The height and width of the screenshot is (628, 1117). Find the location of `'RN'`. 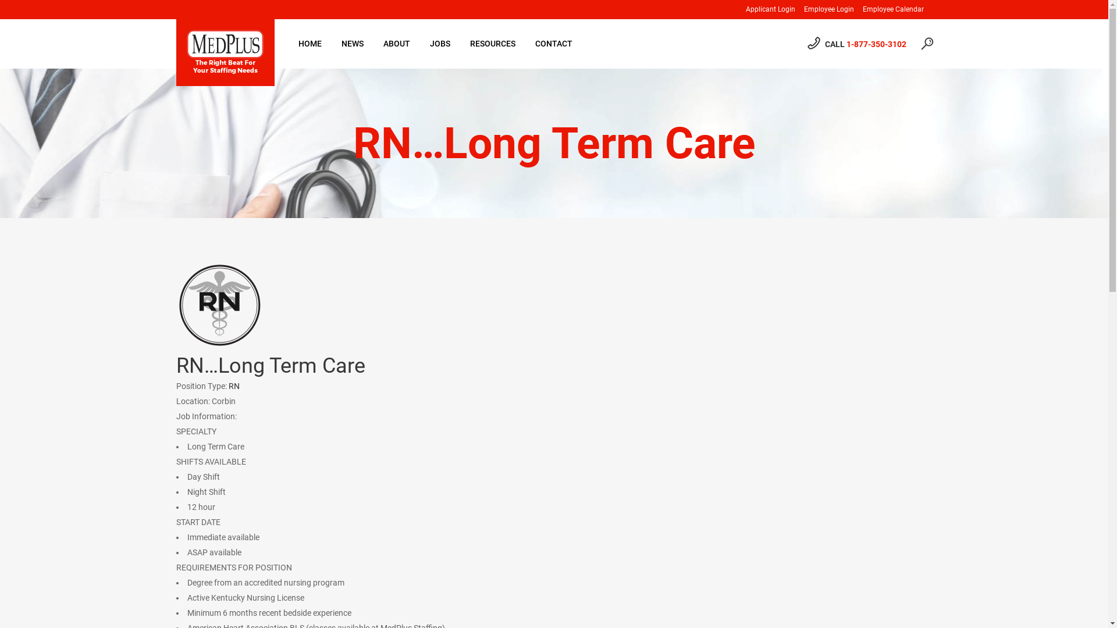

'RN' is located at coordinates (175, 304).